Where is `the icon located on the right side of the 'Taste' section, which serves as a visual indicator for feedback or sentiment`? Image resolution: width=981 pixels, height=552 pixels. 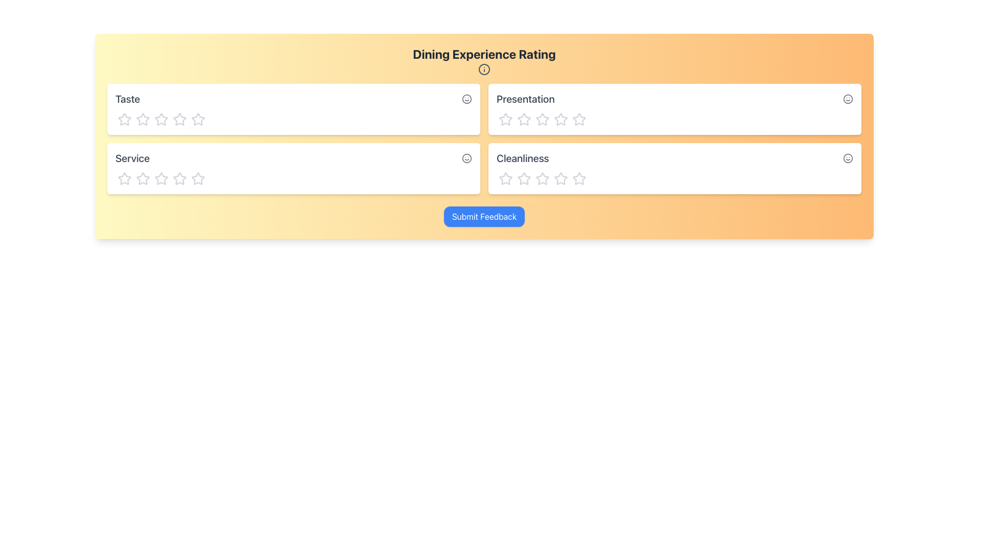 the icon located on the right side of the 'Taste' section, which serves as a visual indicator for feedback or sentiment is located at coordinates (466, 98).